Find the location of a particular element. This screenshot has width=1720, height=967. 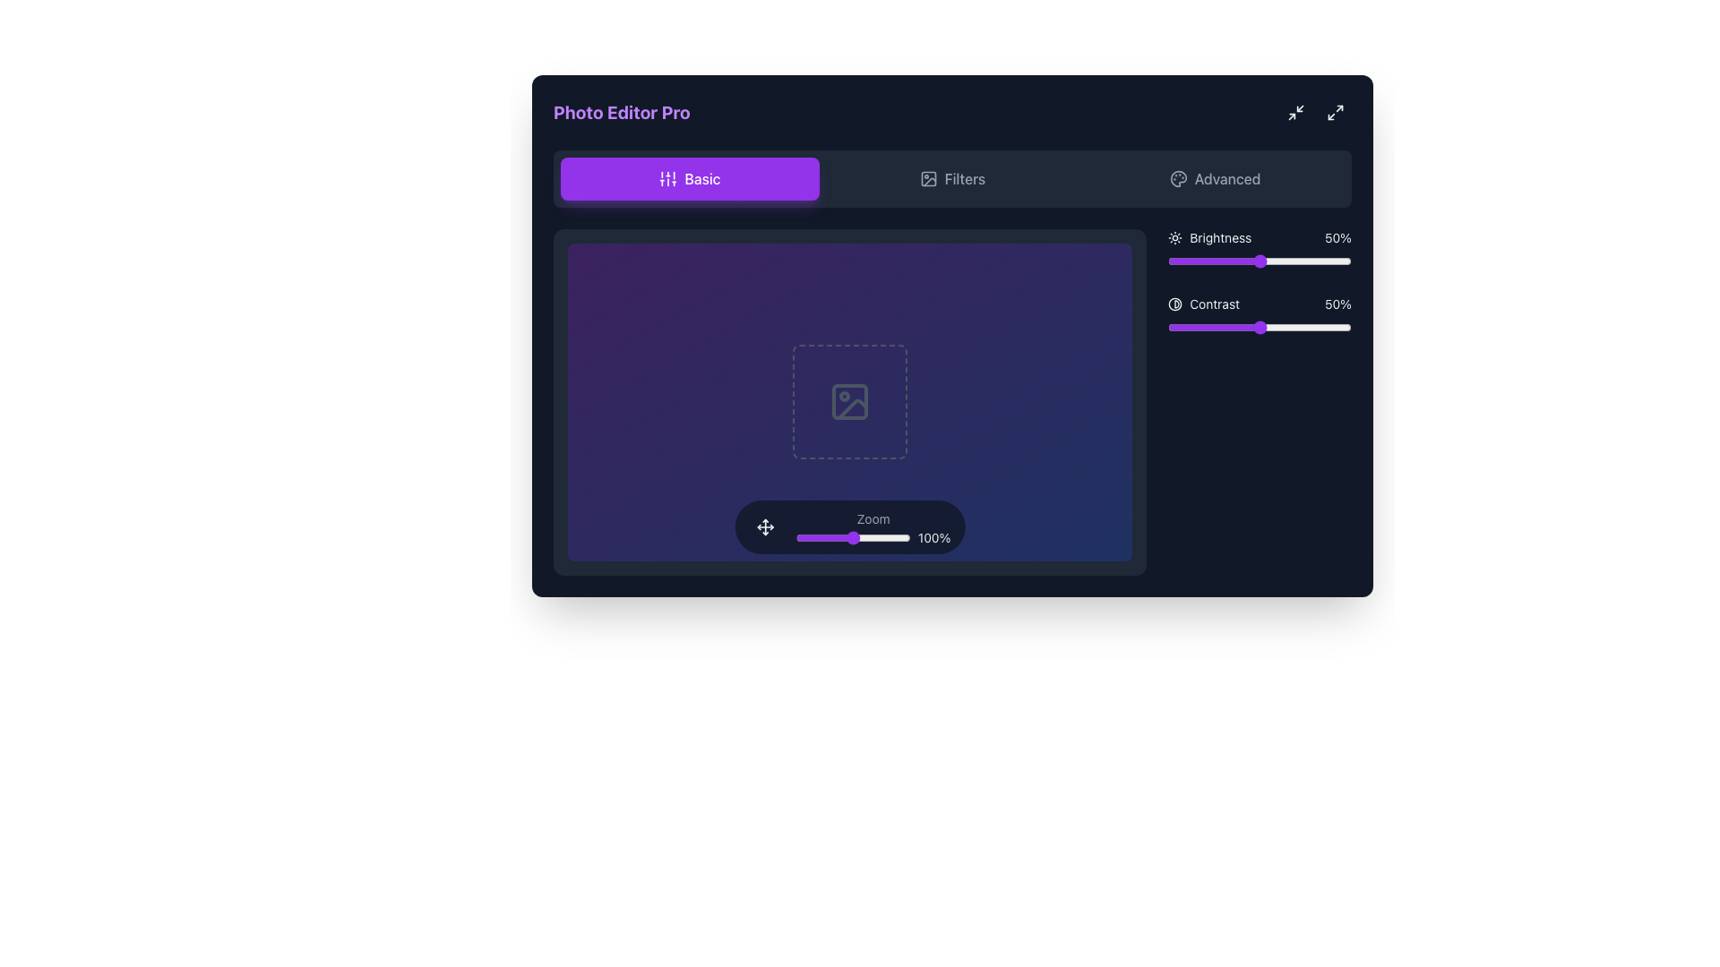

the zoom level is located at coordinates (799, 536).